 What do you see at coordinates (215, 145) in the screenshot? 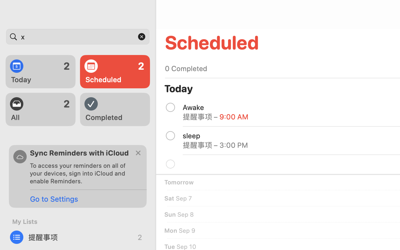
I see `'提醒事项 – 3:00 PM'` at bounding box center [215, 145].